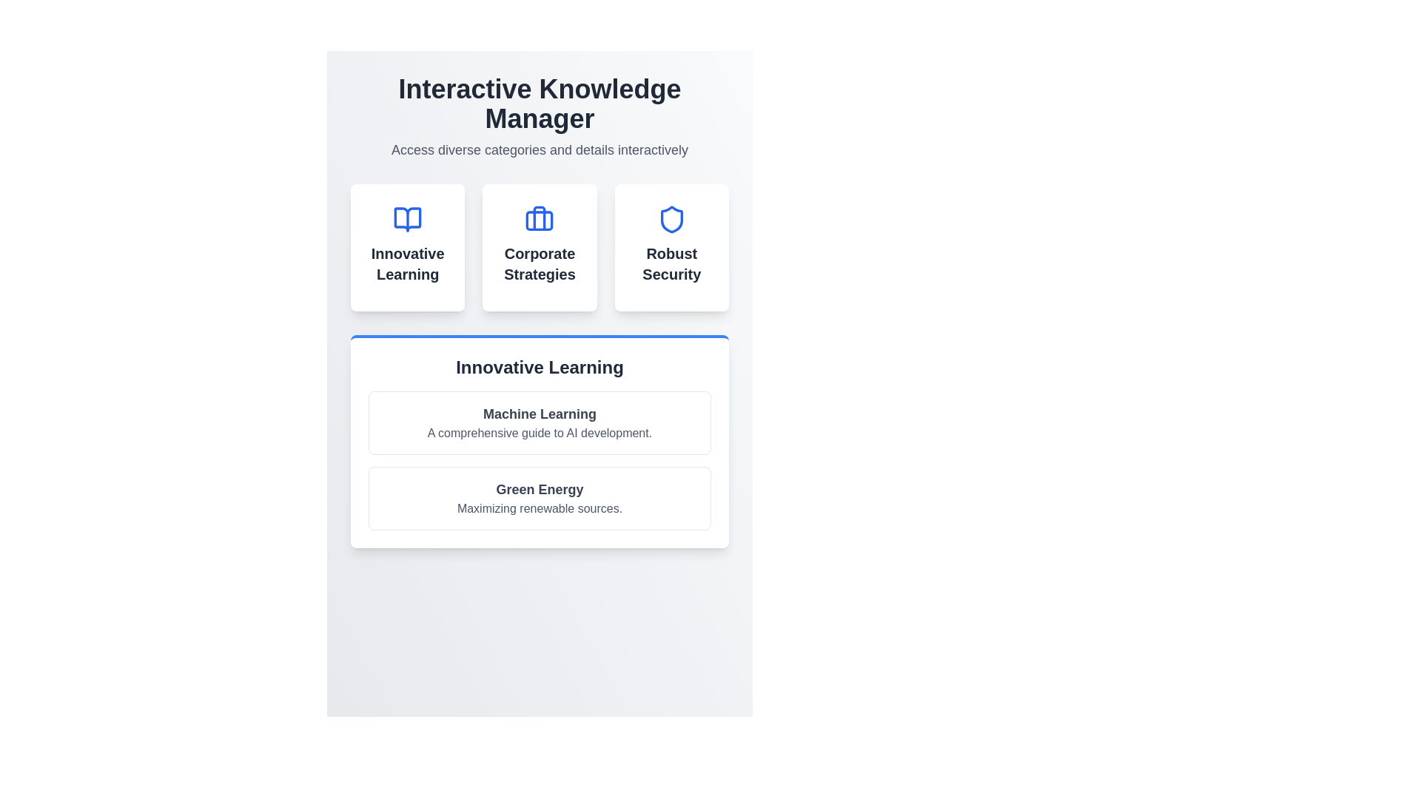 This screenshot has height=799, width=1421. What do you see at coordinates (408, 247) in the screenshot?
I see `the 'Innovative Learning' category selection tile, which is the first tile in the top row of three tiles, located directly left of the 'Corporate Strategies' tile` at bounding box center [408, 247].